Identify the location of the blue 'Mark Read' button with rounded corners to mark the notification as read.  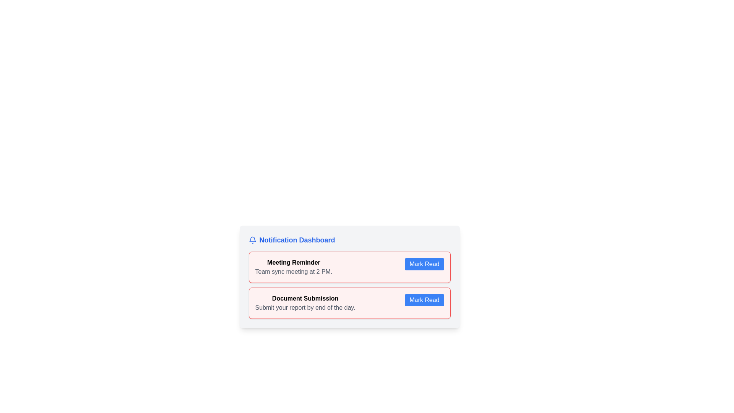
(424, 300).